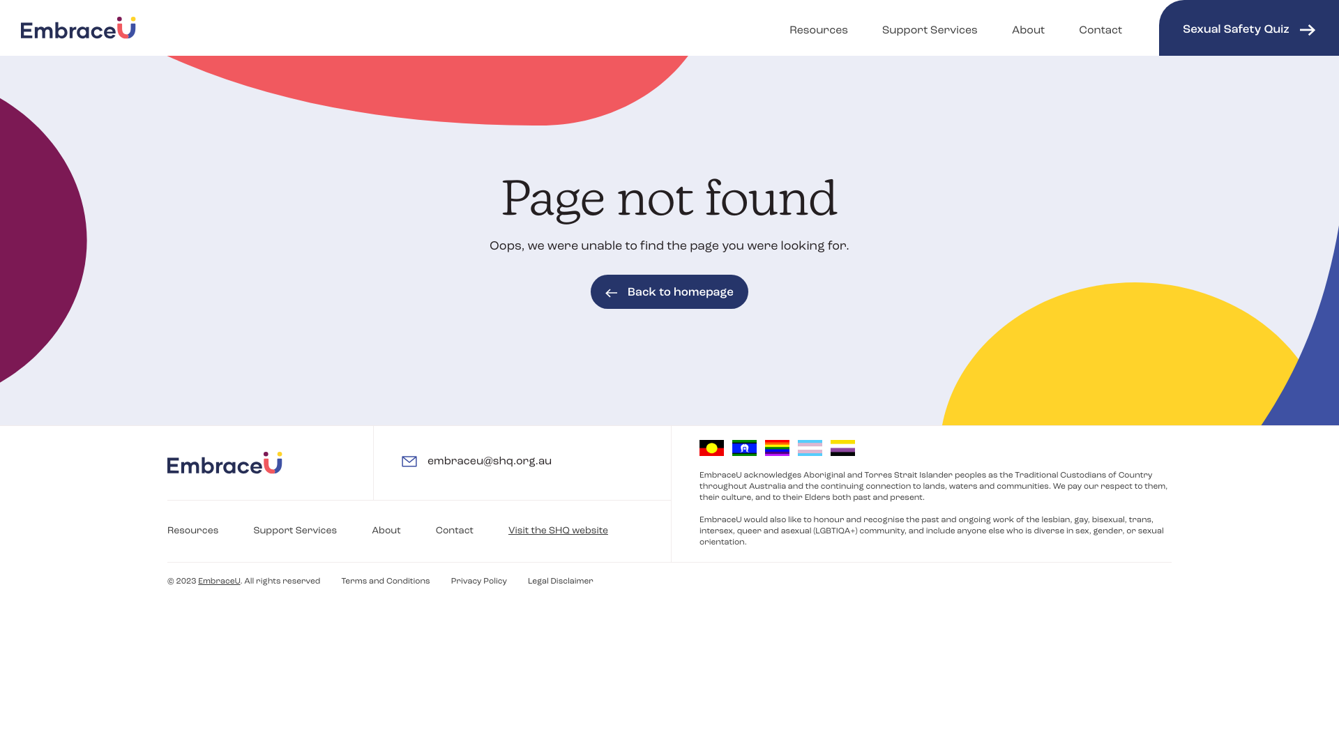 This screenshot has width=1339, height=753. I want to click on 'EmbraceU', so click(197, 581).